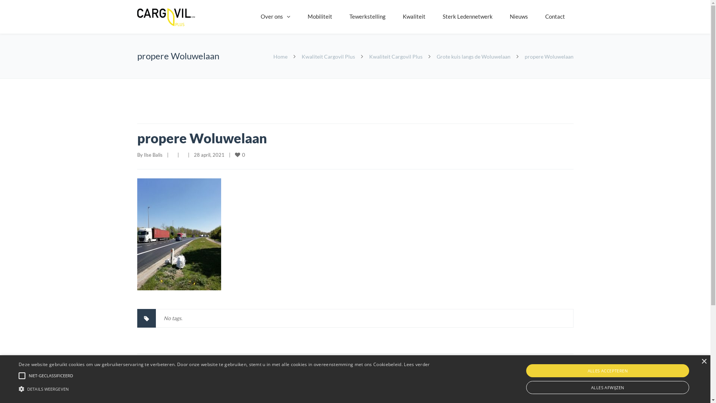 Image resolution: width=716 pixels, height=403 pixels. Describe the element at coordinates (153, 154) in the screenshot. I see `'Ilse Balis'` at that location.